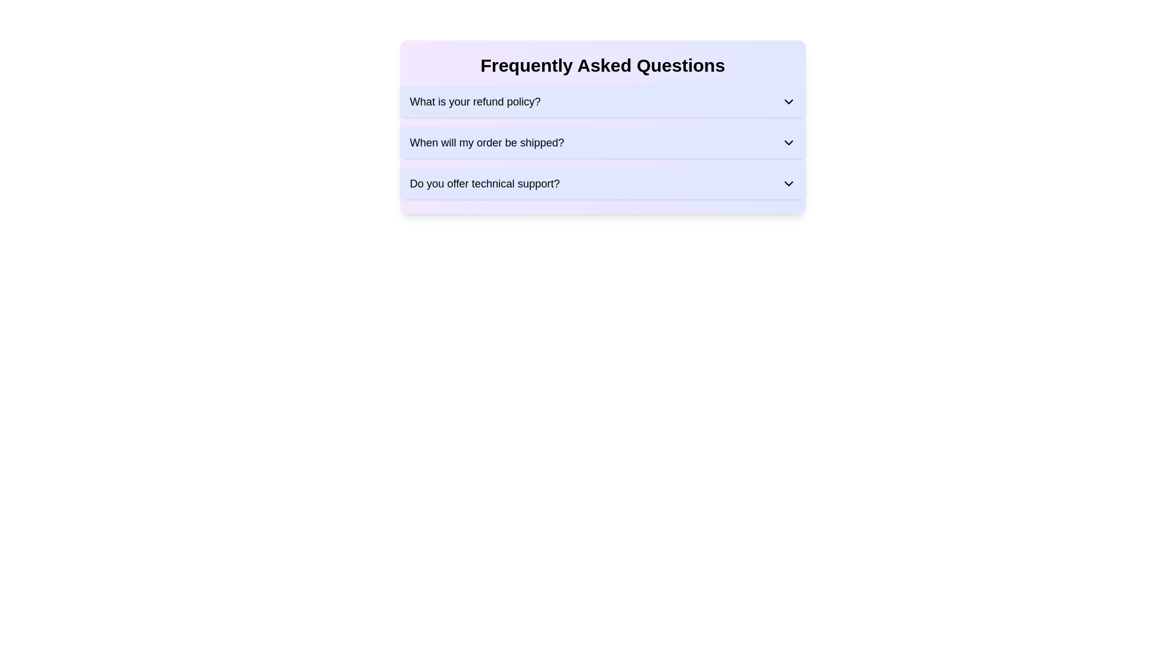 Image resolution: width=1158 pixels, height=651 pixels. Describe the element at coordinates (603, 65) in the screenshot. I see `the header text displaying 'Frequently Asked Questions'` at that location.